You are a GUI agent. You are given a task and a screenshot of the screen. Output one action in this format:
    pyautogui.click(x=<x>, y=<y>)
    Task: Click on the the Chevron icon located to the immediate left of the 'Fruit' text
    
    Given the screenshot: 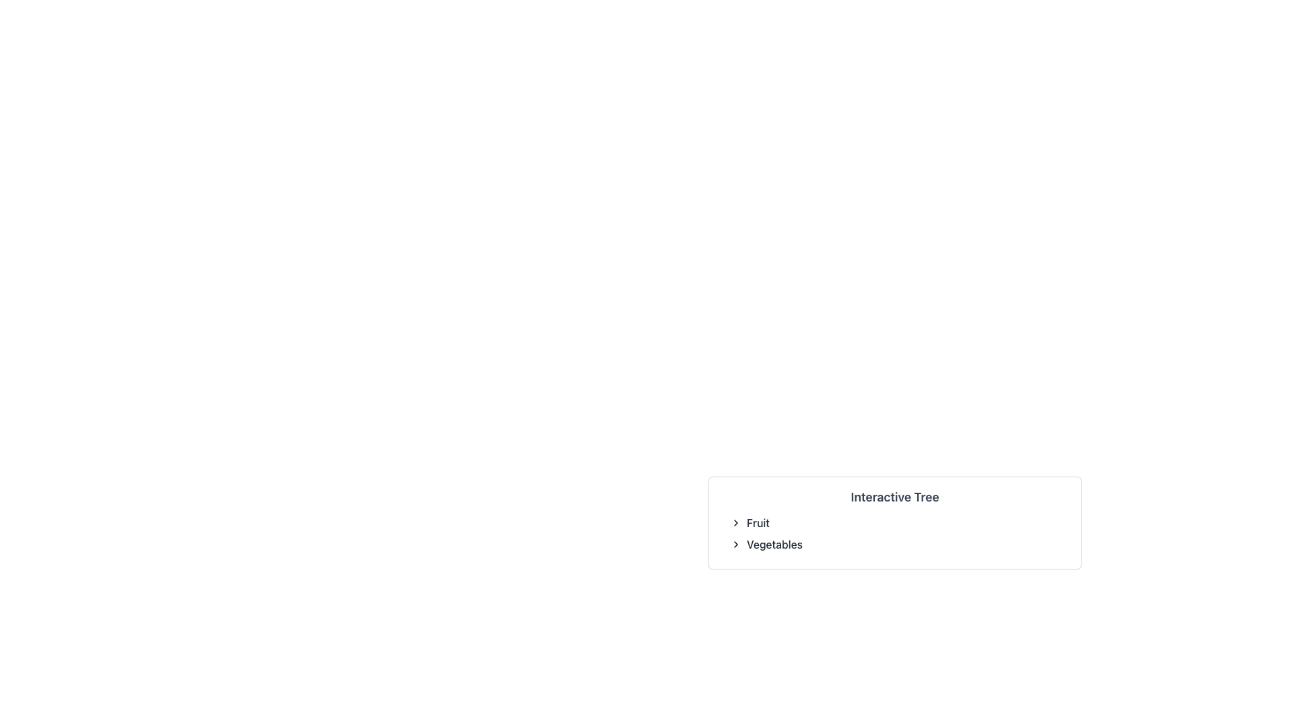 What is the action you would take?
    pyautogui.click(x=735, y=522)
    